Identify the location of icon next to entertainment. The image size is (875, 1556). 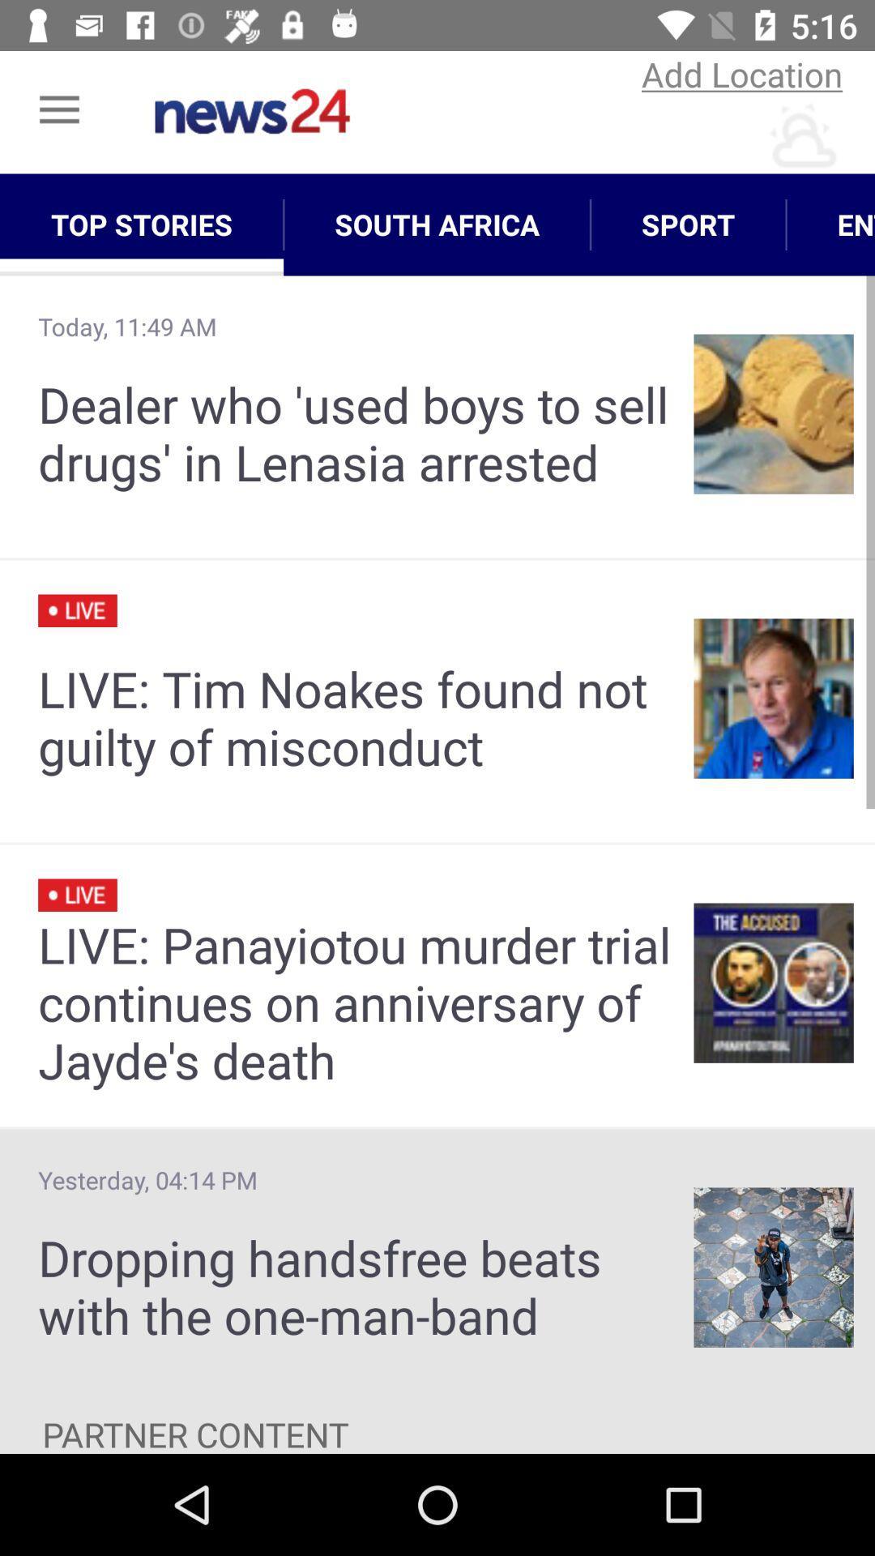
(688, 224).